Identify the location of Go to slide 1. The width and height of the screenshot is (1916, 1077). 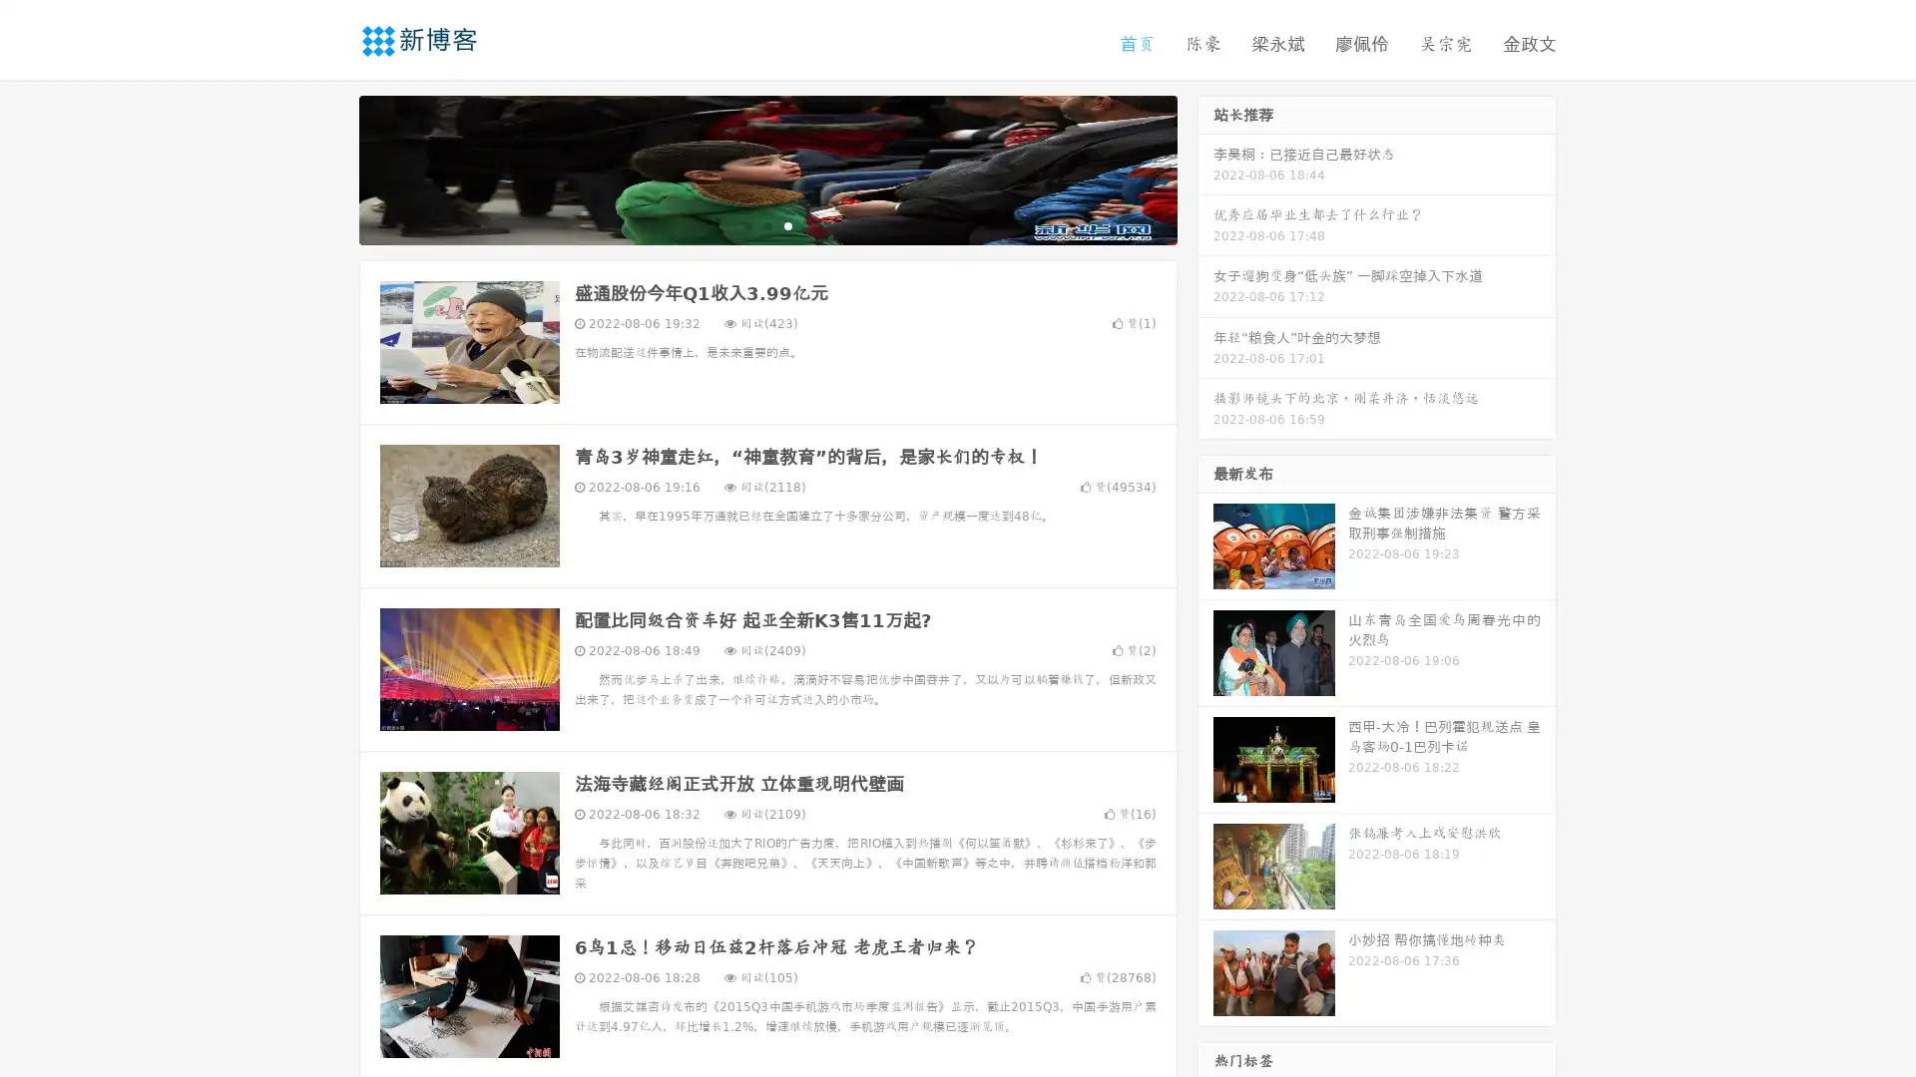
(746, 224).